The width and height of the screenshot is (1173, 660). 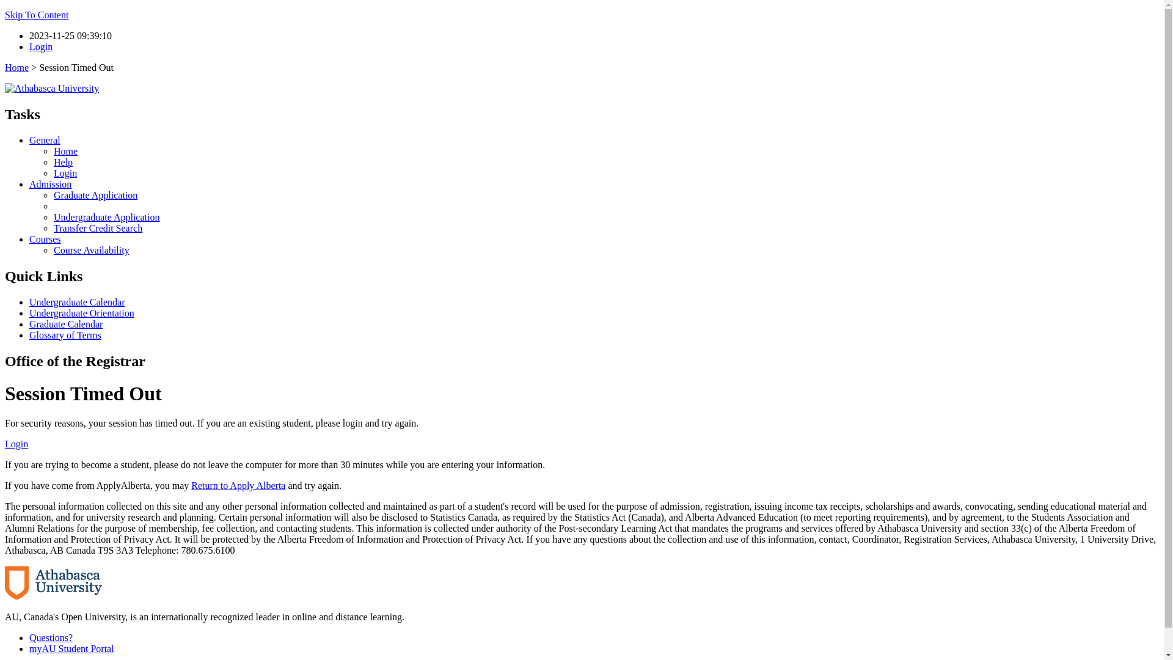 What do you see at coordinates (45, 139) in the screenshot?
I see `'General'` at bounding box center [45, 139].